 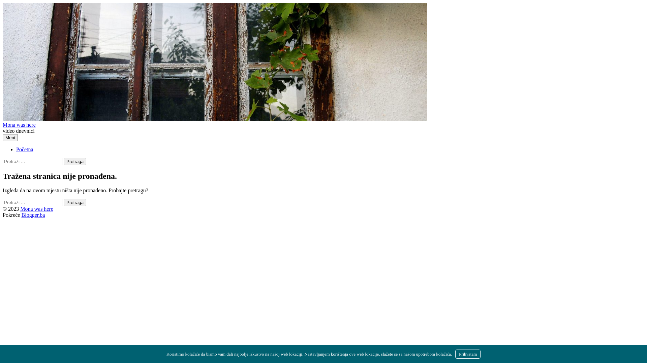 I want to click on 'Blogger.ba', so click(x=33, y=215).